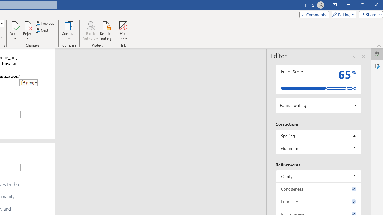 The width and height of the screenshot is (383, 215). What do you see at coordinates (15, 25) in the screenshot?
I see `'Accept and Move to Next'` at bounding box center [15, 25].